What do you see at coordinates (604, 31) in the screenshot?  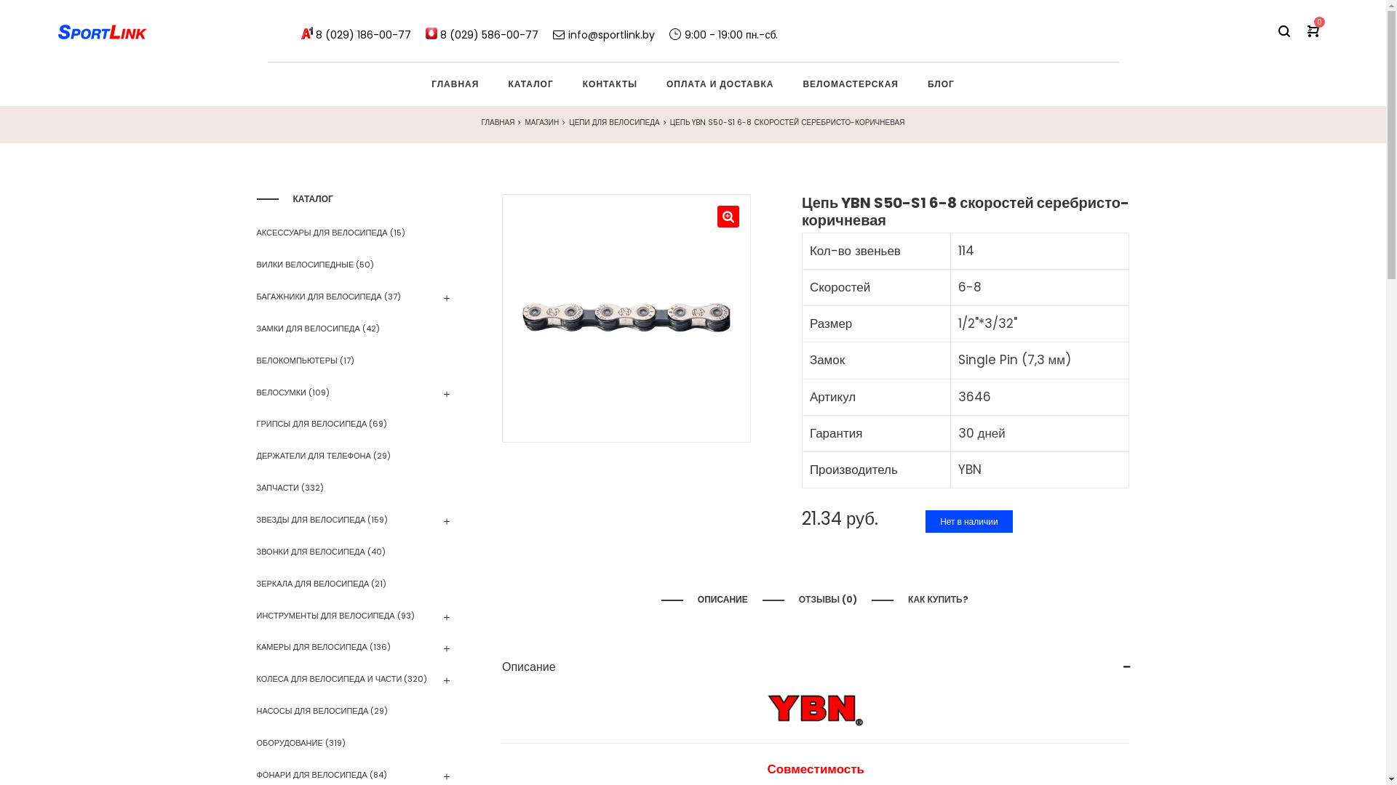 I see `'info@sportlink.by'` at bounding box center [604, 31].